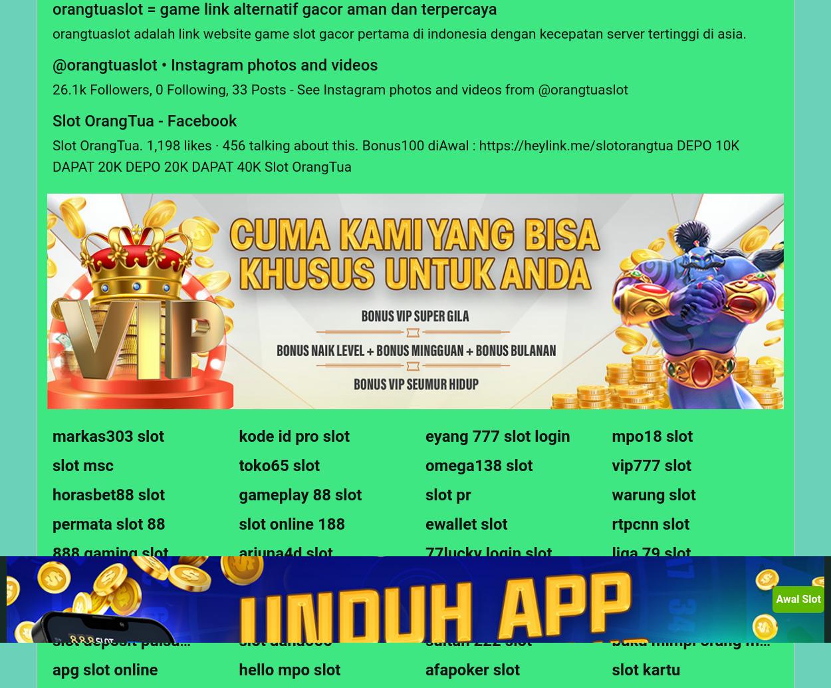 The image size is (831, 688). Describe the element at coordinates (612, 581) in the screenshot. I see `'raja slot qiuqiu'` at that location.